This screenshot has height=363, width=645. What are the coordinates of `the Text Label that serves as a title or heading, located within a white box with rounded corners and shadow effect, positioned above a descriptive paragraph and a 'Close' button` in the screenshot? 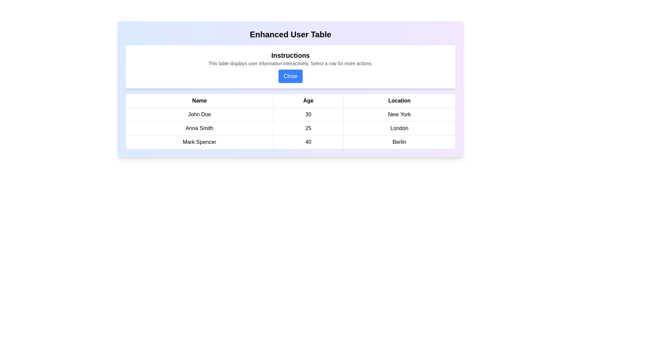 It's located at (290, 55).